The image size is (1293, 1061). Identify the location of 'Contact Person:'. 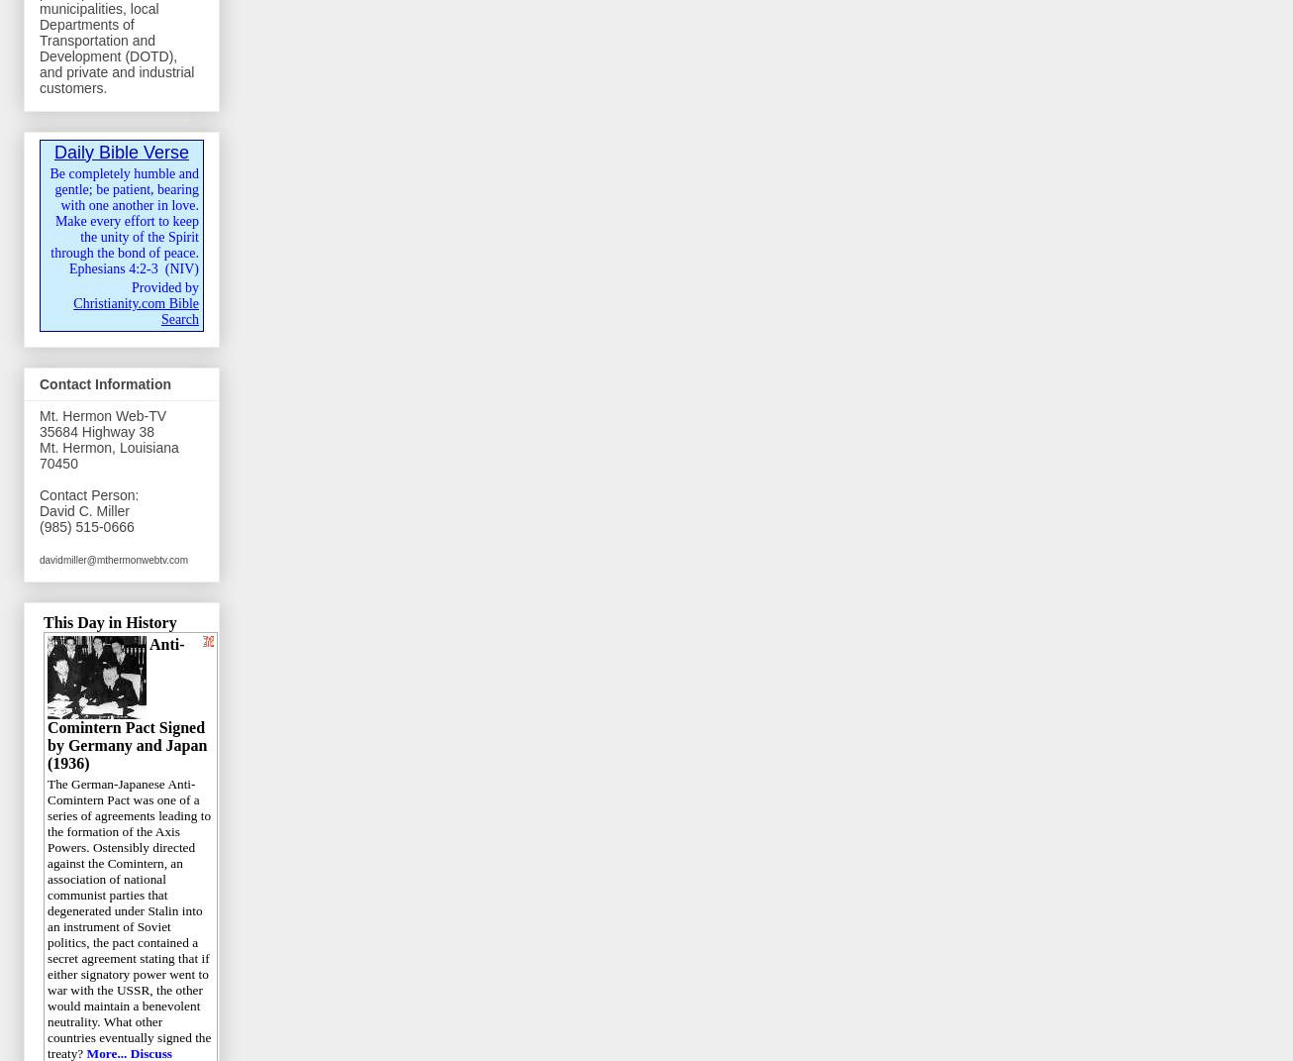
(87, 494).